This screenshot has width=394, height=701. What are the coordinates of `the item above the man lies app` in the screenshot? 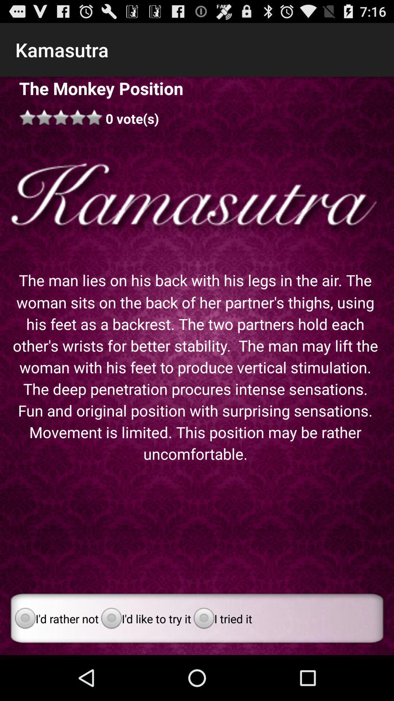 It's located at (197, 199).